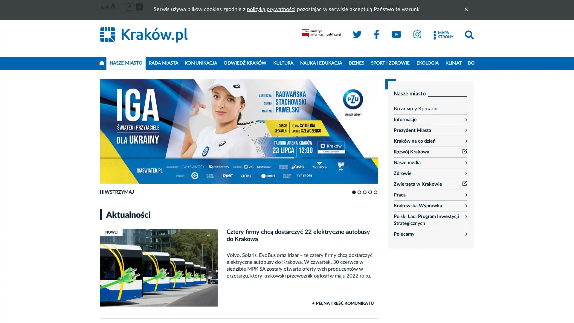 The image size is (574, 323). Describe the element at coordinates (469, 35) in the screenshot. I see `Szukaj` at that location.